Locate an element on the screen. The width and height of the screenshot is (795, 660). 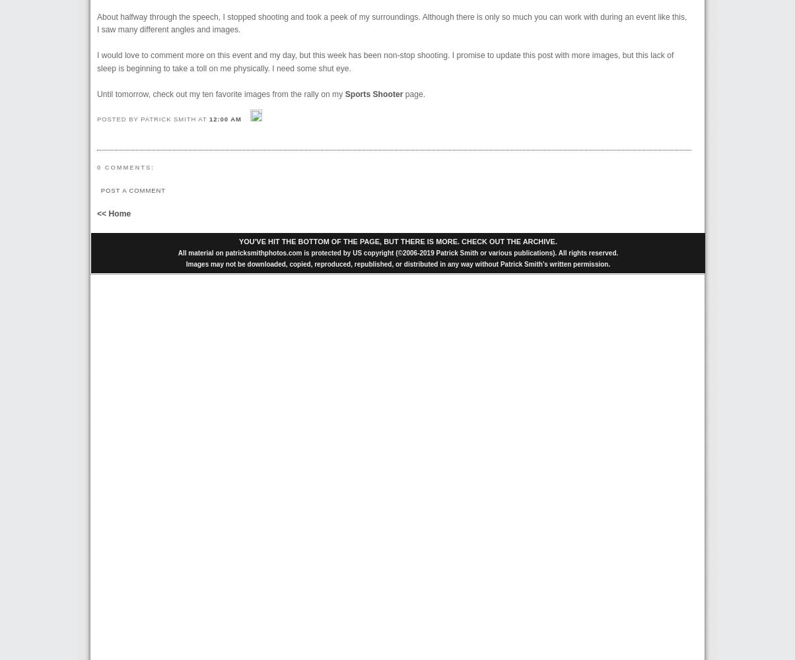
'<< Home' is located at coordinates (97, 213).